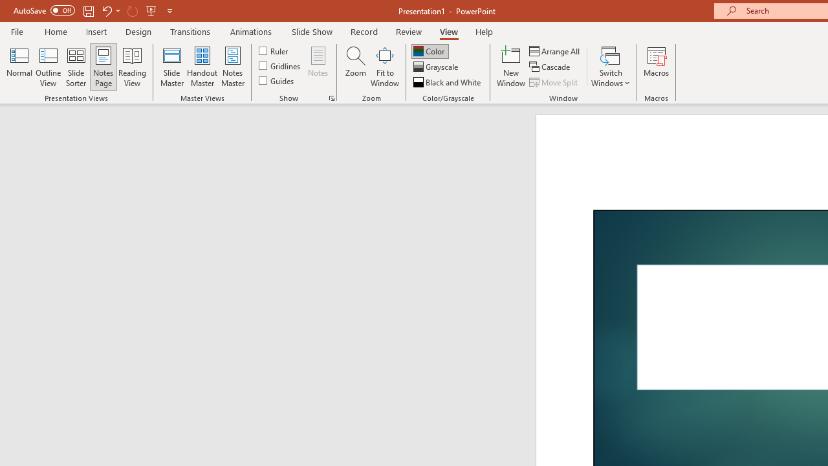  What do you see at coordinates (657, 67) in the screenshot?
I see `'Macros'` at bounding box center [657, 67].